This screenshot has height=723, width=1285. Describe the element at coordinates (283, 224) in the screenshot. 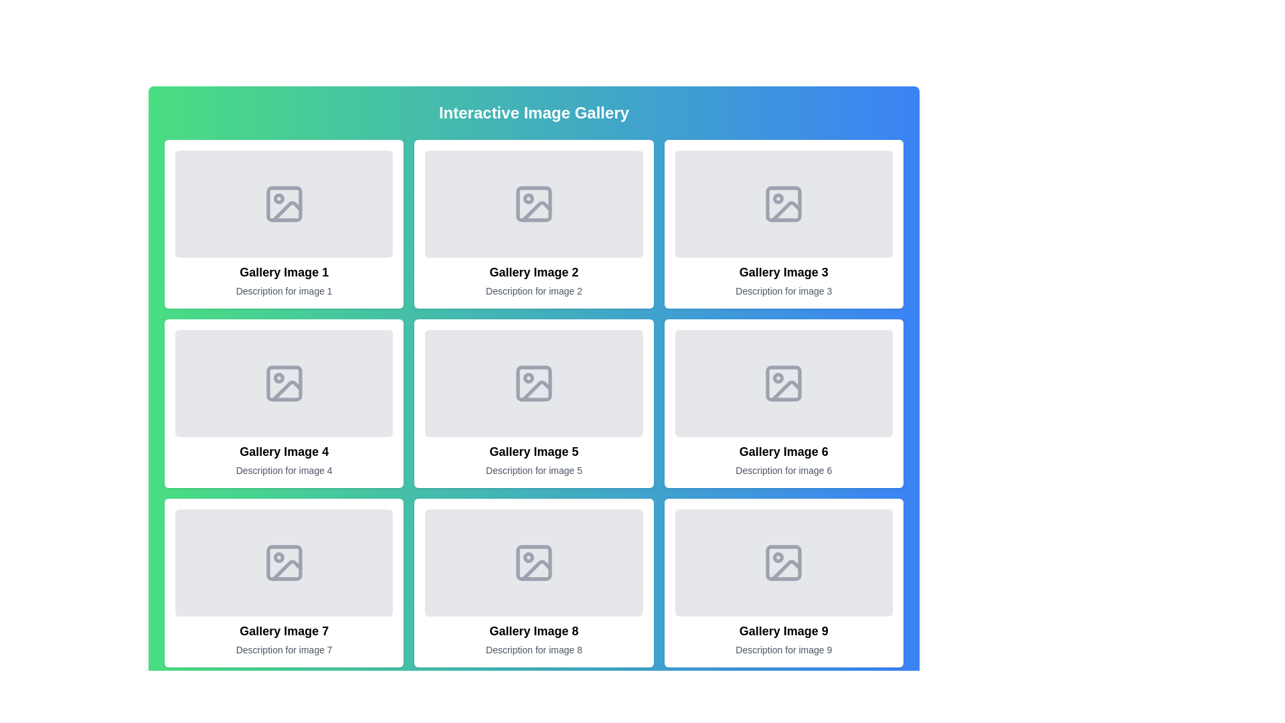

I see `the top-left card in the gallery grid, which includes an image placeholder and descriptive text` at that location.